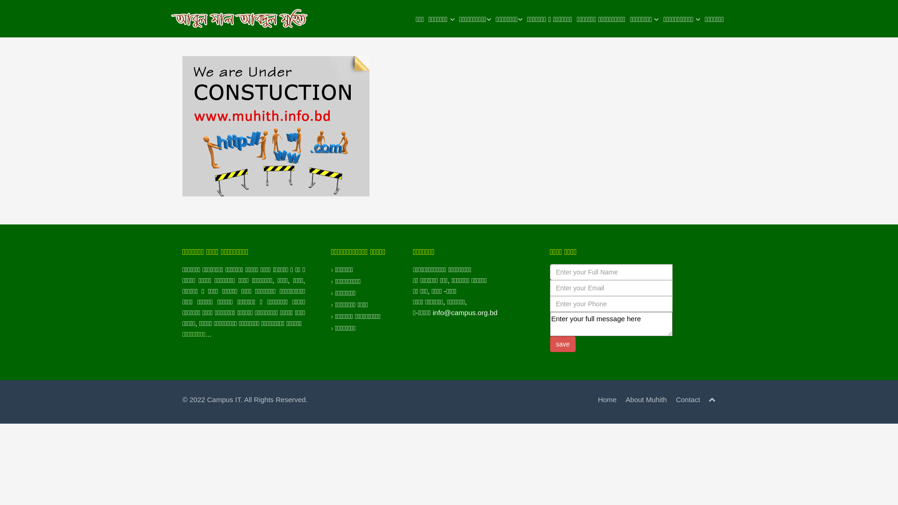 Image resolution: width=898 pixels, height=505 pixels. I want to click on 'About Muhith', so click(646, 399).